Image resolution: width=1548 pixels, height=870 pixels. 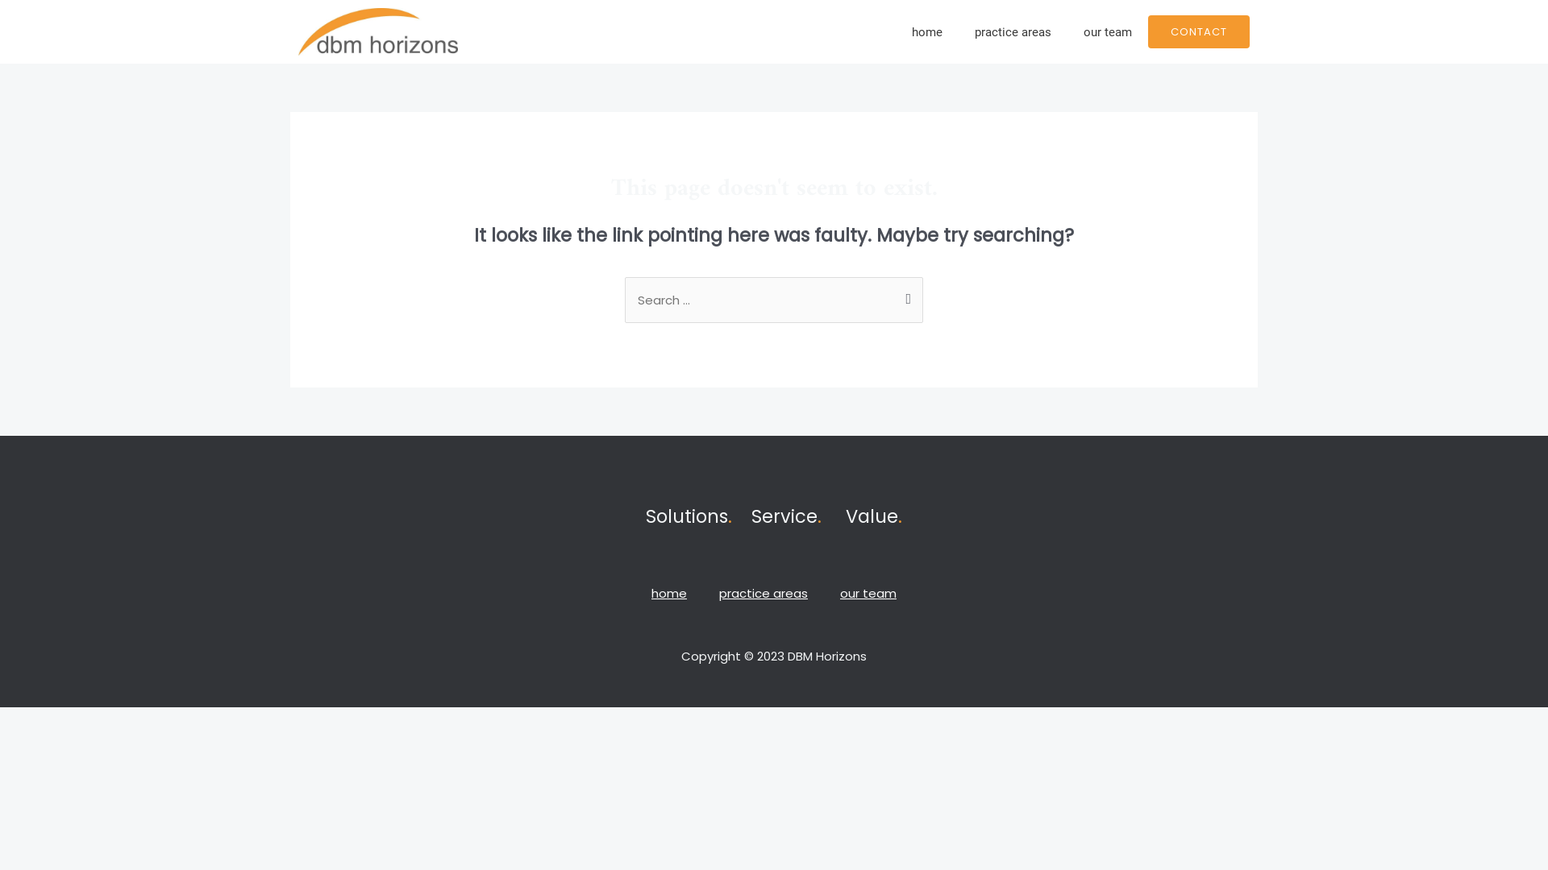 I want to click on 'Search', so click(x=905, y=292).